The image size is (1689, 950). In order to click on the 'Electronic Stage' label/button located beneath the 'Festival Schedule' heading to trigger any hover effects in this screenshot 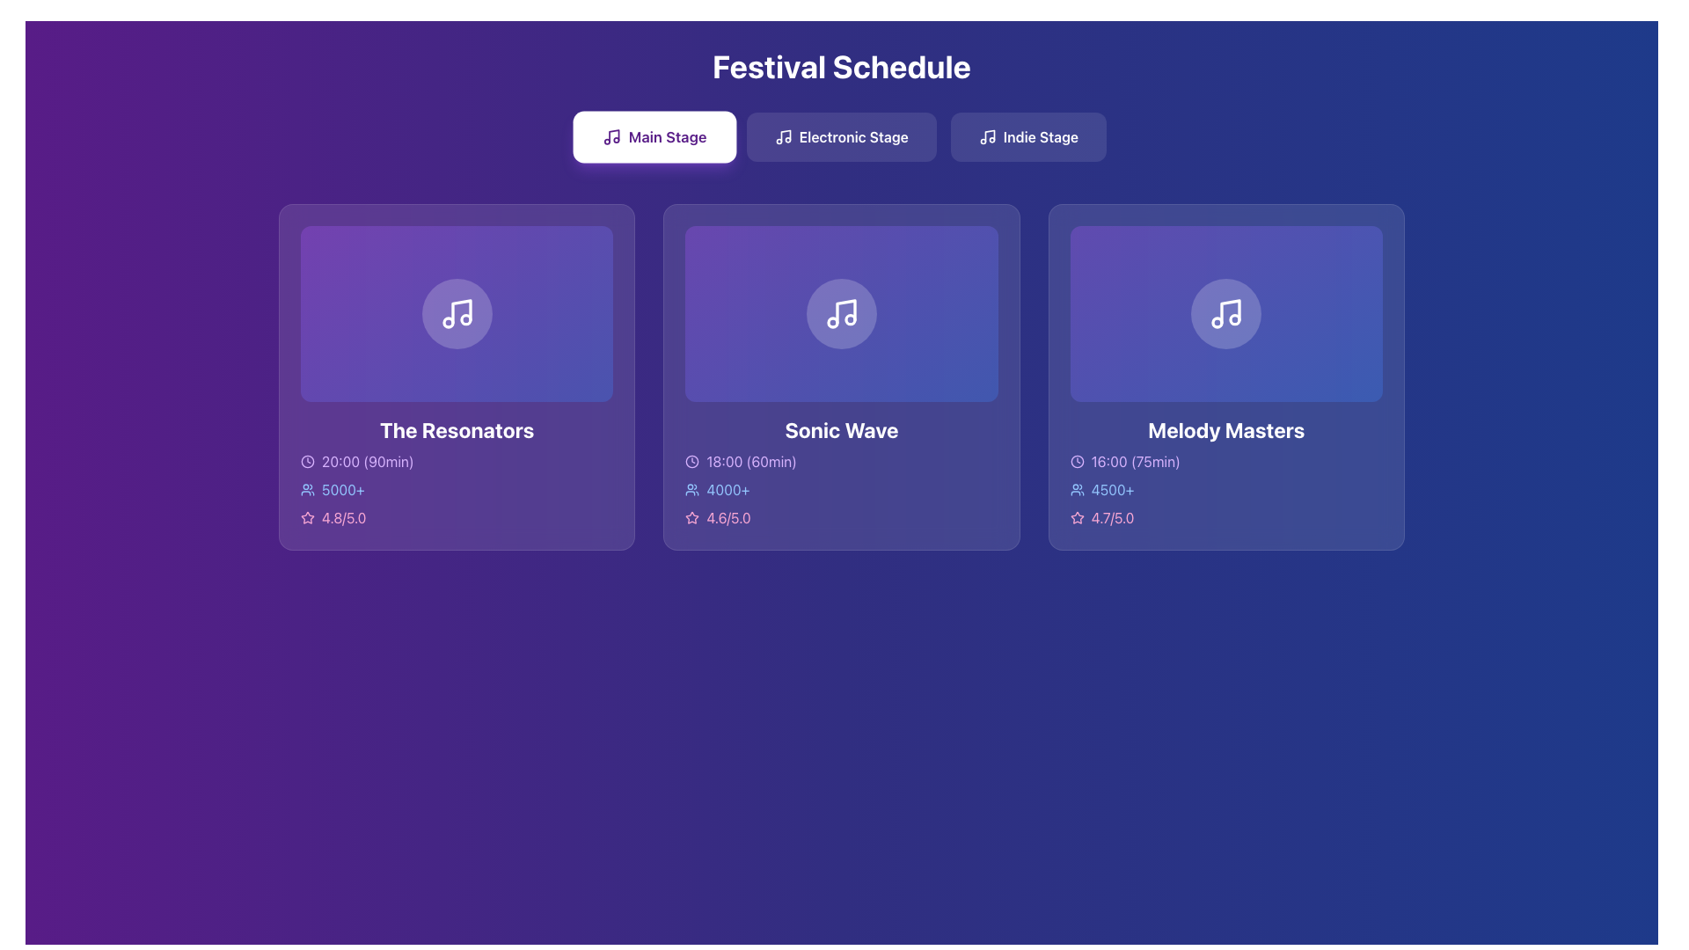, I will do `click(853, 135)`.